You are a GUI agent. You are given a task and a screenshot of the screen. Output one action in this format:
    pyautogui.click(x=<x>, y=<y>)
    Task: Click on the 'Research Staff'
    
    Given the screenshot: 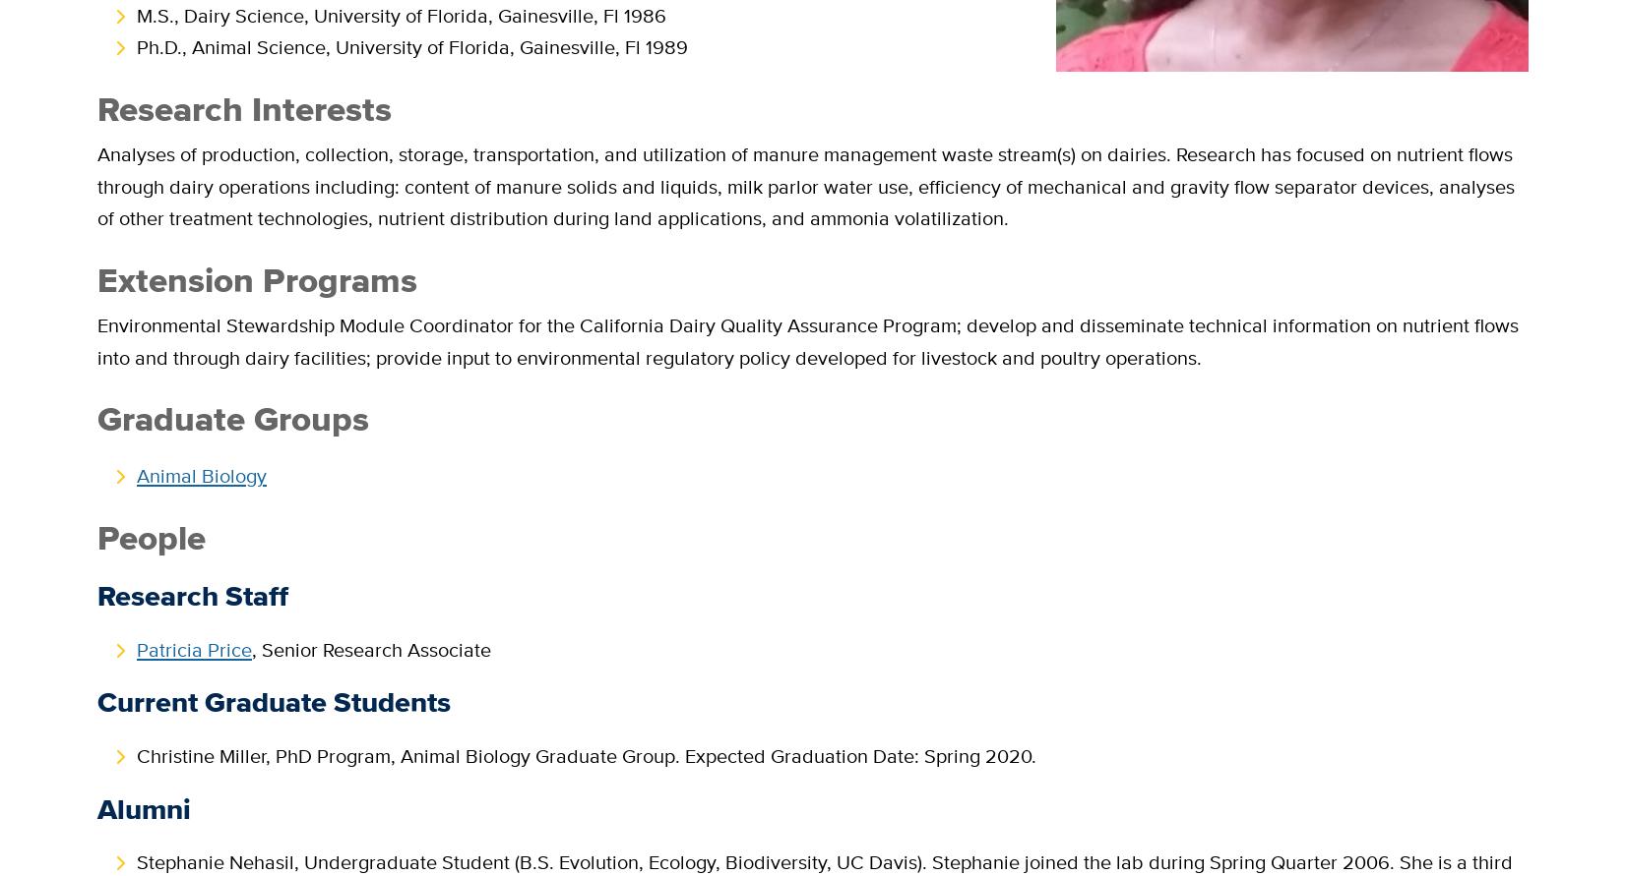 What is the action you would take?
    pyautogui.click(x=96, y=596)
    